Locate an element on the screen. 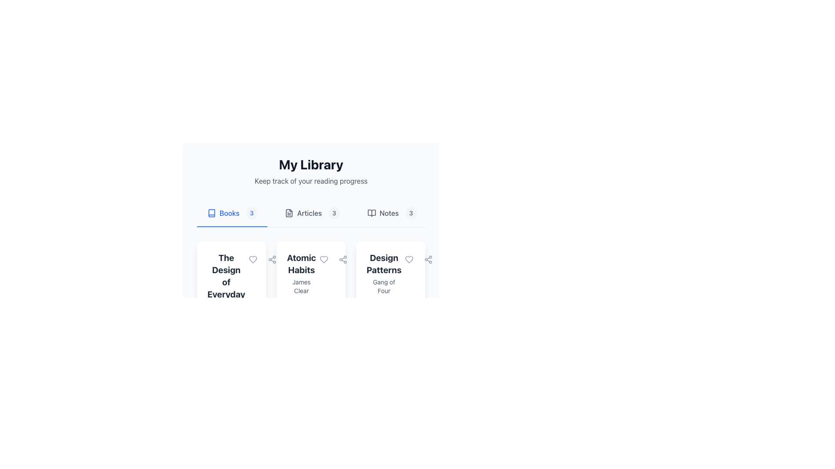  the 'share' button located in the section for 'Atomic Habits' is located at coordinates (342, 259).